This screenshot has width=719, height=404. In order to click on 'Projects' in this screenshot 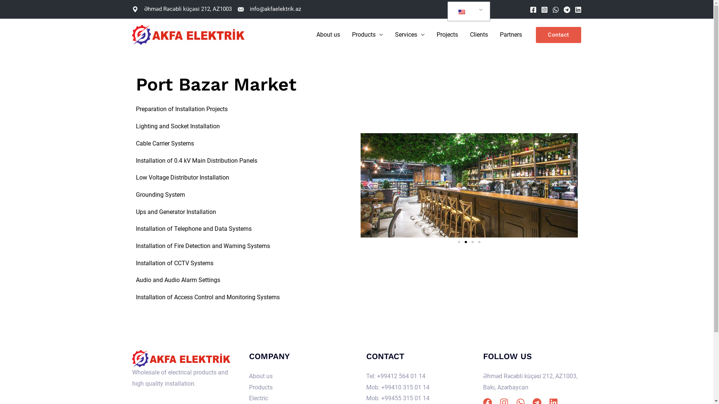, I will do `click(447, 34)`.